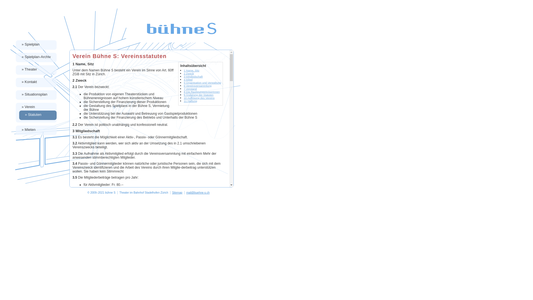 The width and height of the screenshot is (533, 300). Describe the element at coordinates (184, 88) in the screenshot. I see `'7 Vorstand'` at that location.